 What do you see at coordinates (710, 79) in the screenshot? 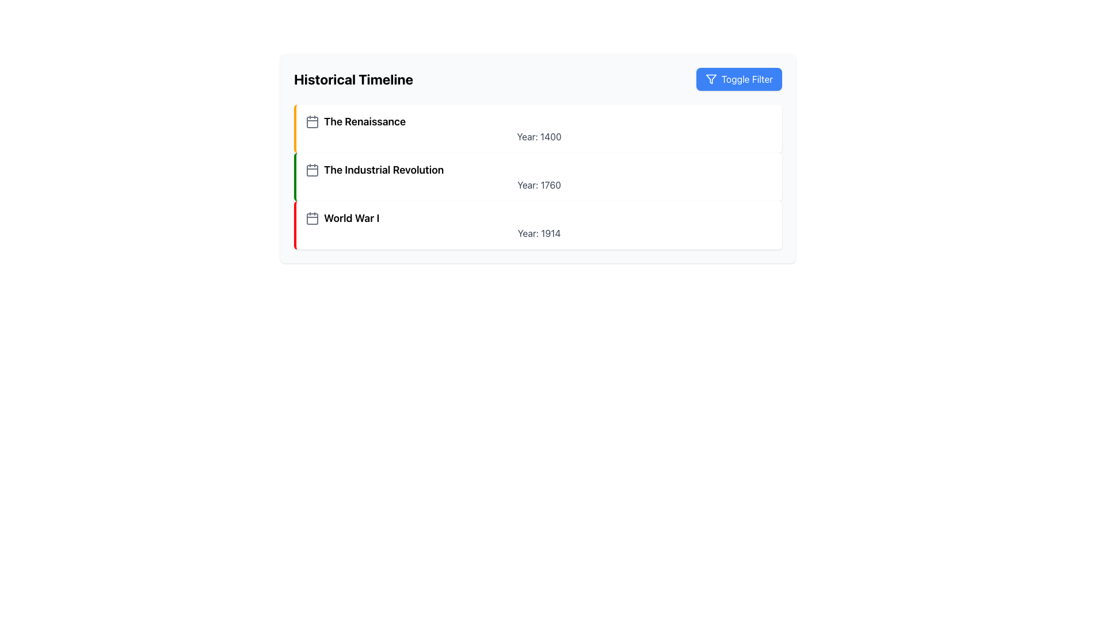
I see `the funnel-shaped filter icon located inside the 'Toggle Filter' button at the top-right of the 'Historical Timeline' section for accessibility` at bounding box center [710, 79].